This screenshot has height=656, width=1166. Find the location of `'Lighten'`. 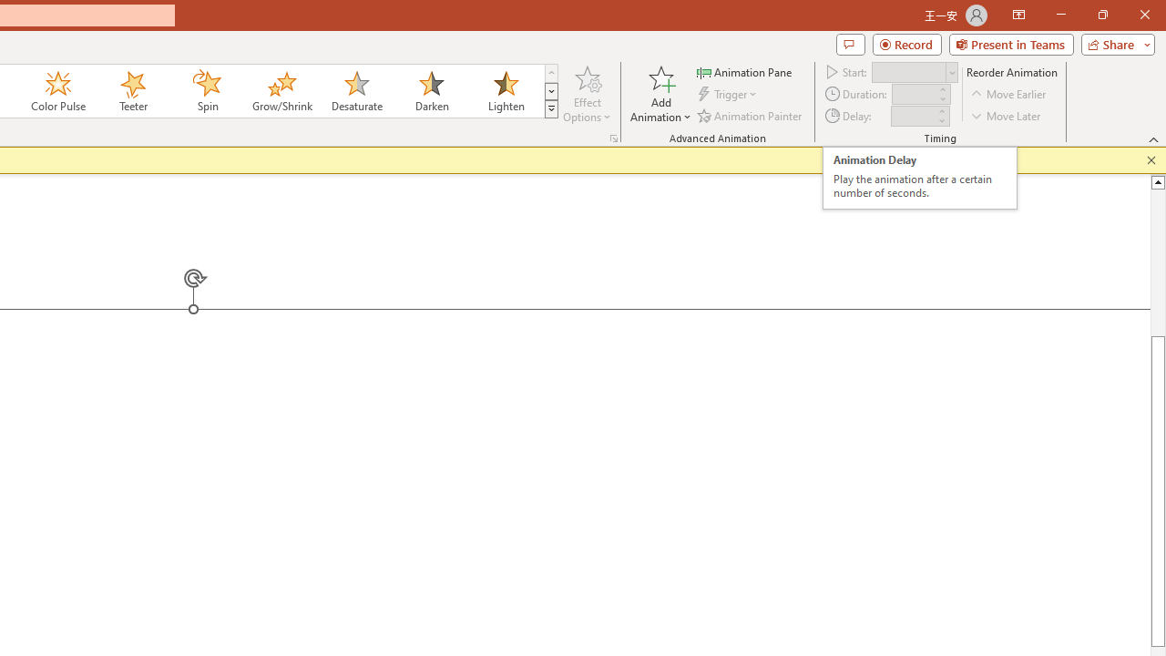

'Lighten' is located at coordinates (506, 91).